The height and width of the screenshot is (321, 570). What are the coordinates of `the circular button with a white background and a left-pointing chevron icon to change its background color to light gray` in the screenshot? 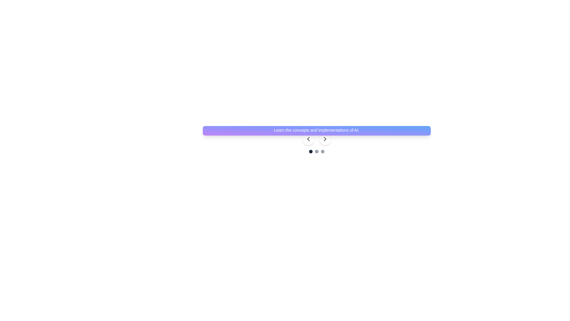 It's located at (308, 139).